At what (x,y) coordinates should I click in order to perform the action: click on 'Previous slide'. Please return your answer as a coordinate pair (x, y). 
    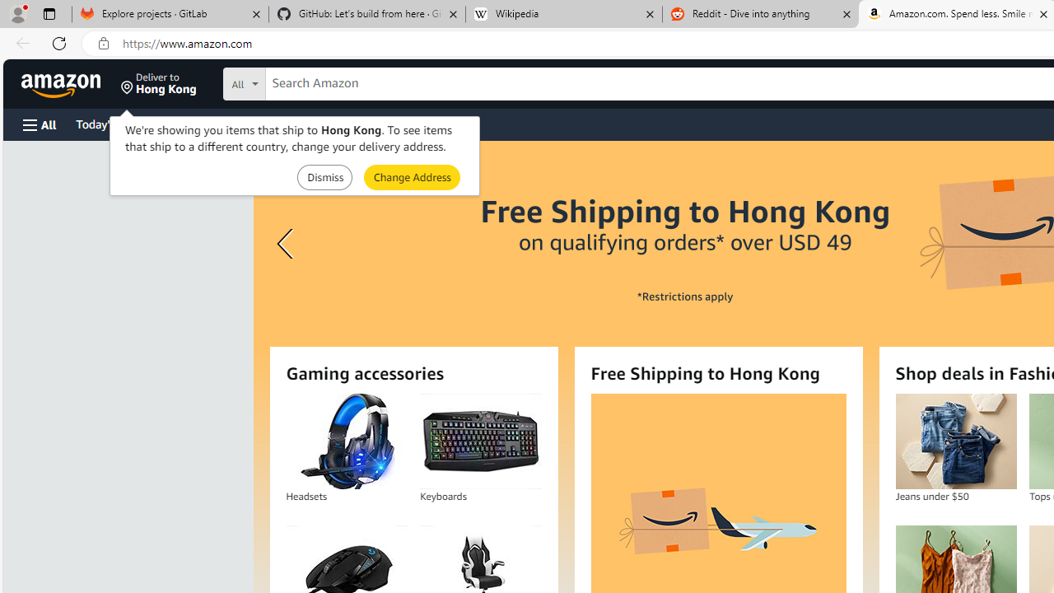
    Looking at the image, I should click on (287, 244).